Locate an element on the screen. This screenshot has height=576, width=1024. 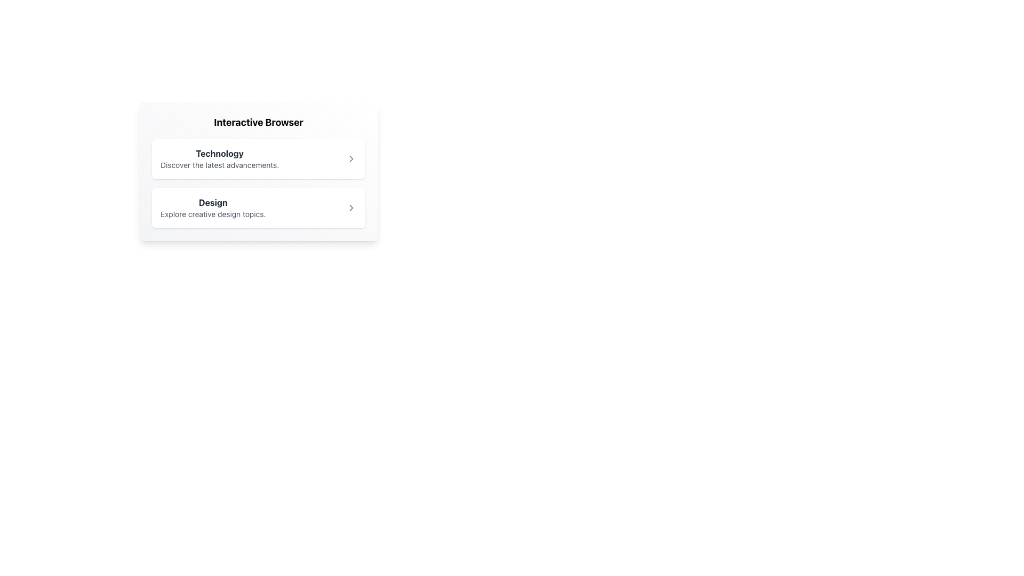
the chevron icon located in the 'Design' section is located at coordinates (351, 207).